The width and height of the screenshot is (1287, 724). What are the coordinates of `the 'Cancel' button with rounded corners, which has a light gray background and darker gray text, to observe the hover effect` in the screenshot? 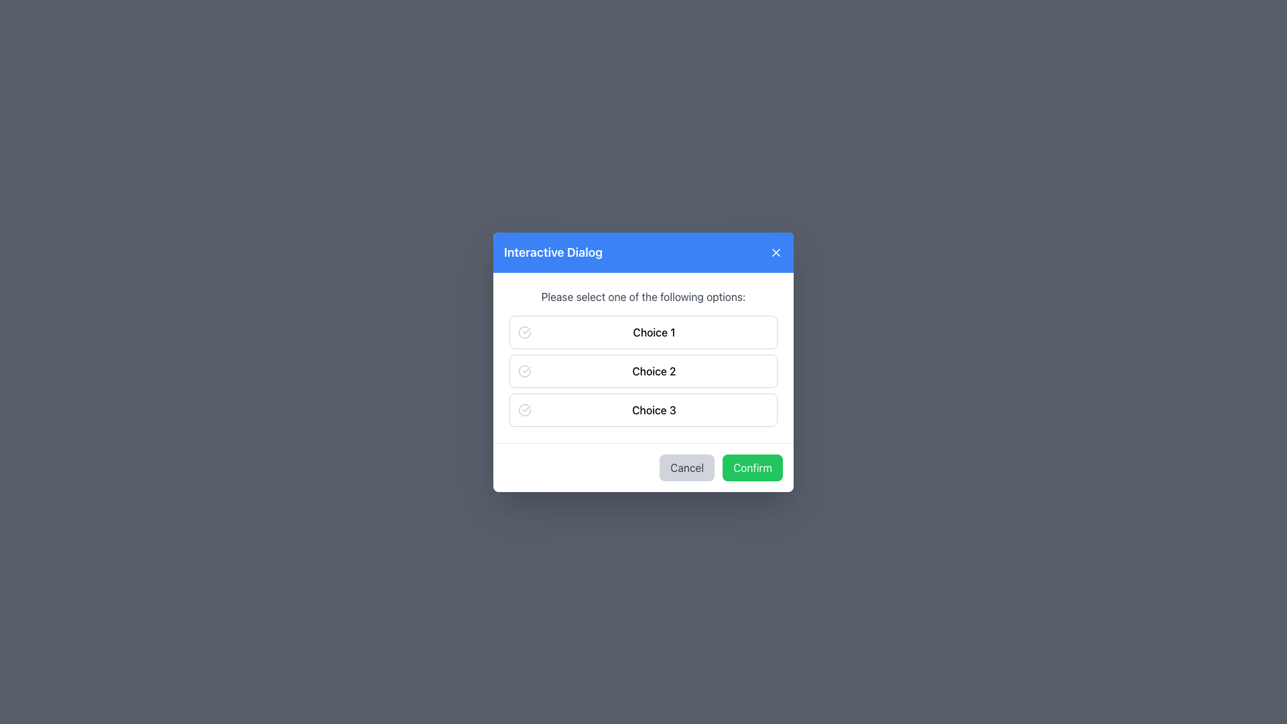 It's located at (687, 467).